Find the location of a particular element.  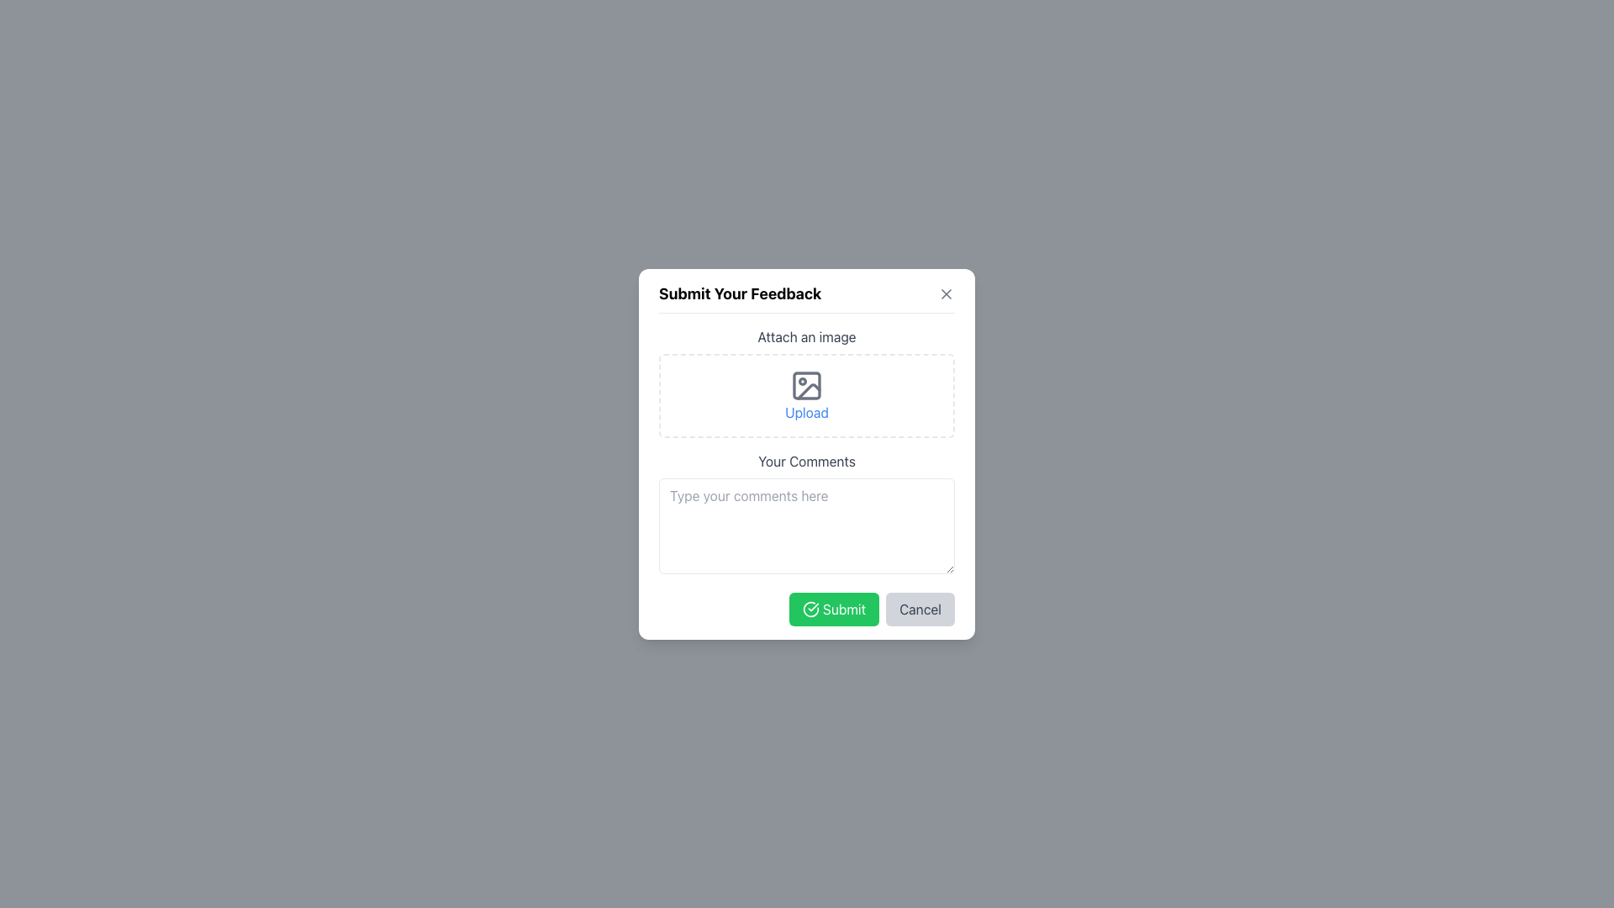

the 'Submit' button in the Button Group by navigating the keyboard to it is located at coordinates (807, 609).